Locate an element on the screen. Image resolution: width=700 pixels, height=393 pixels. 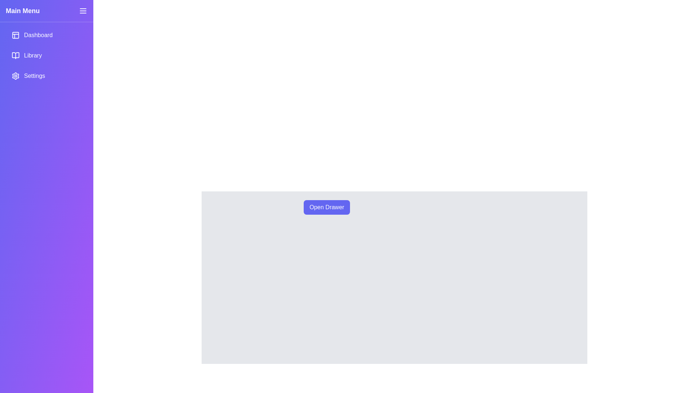
the 'Open Drawer' button to open the drawer is located at coordinates (326, 207).